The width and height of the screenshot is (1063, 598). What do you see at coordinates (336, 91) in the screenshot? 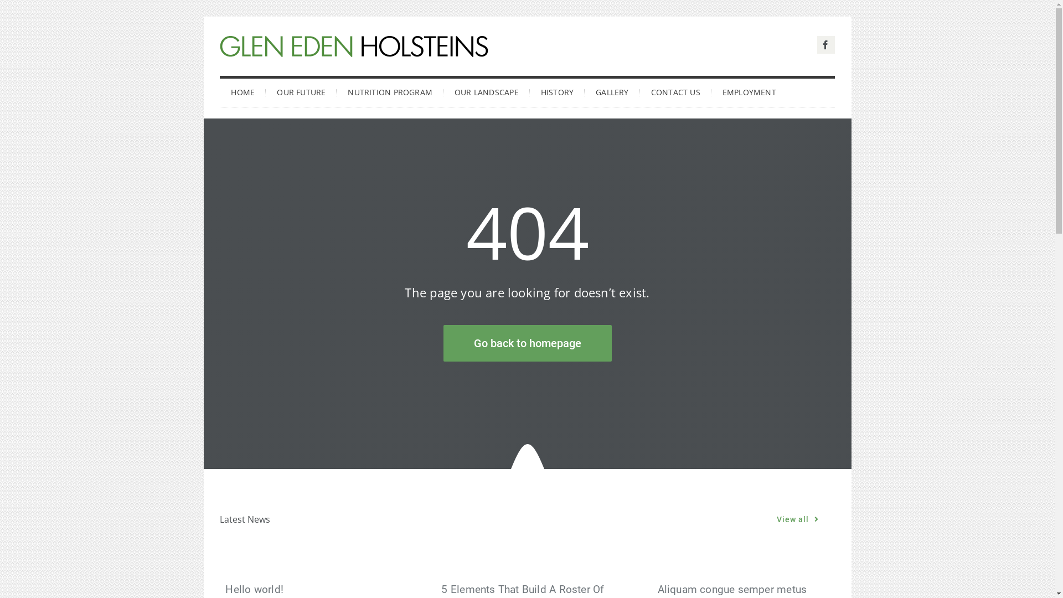
I see `'NUTRITION PROGRAM'` at bounding box center [336, 91].